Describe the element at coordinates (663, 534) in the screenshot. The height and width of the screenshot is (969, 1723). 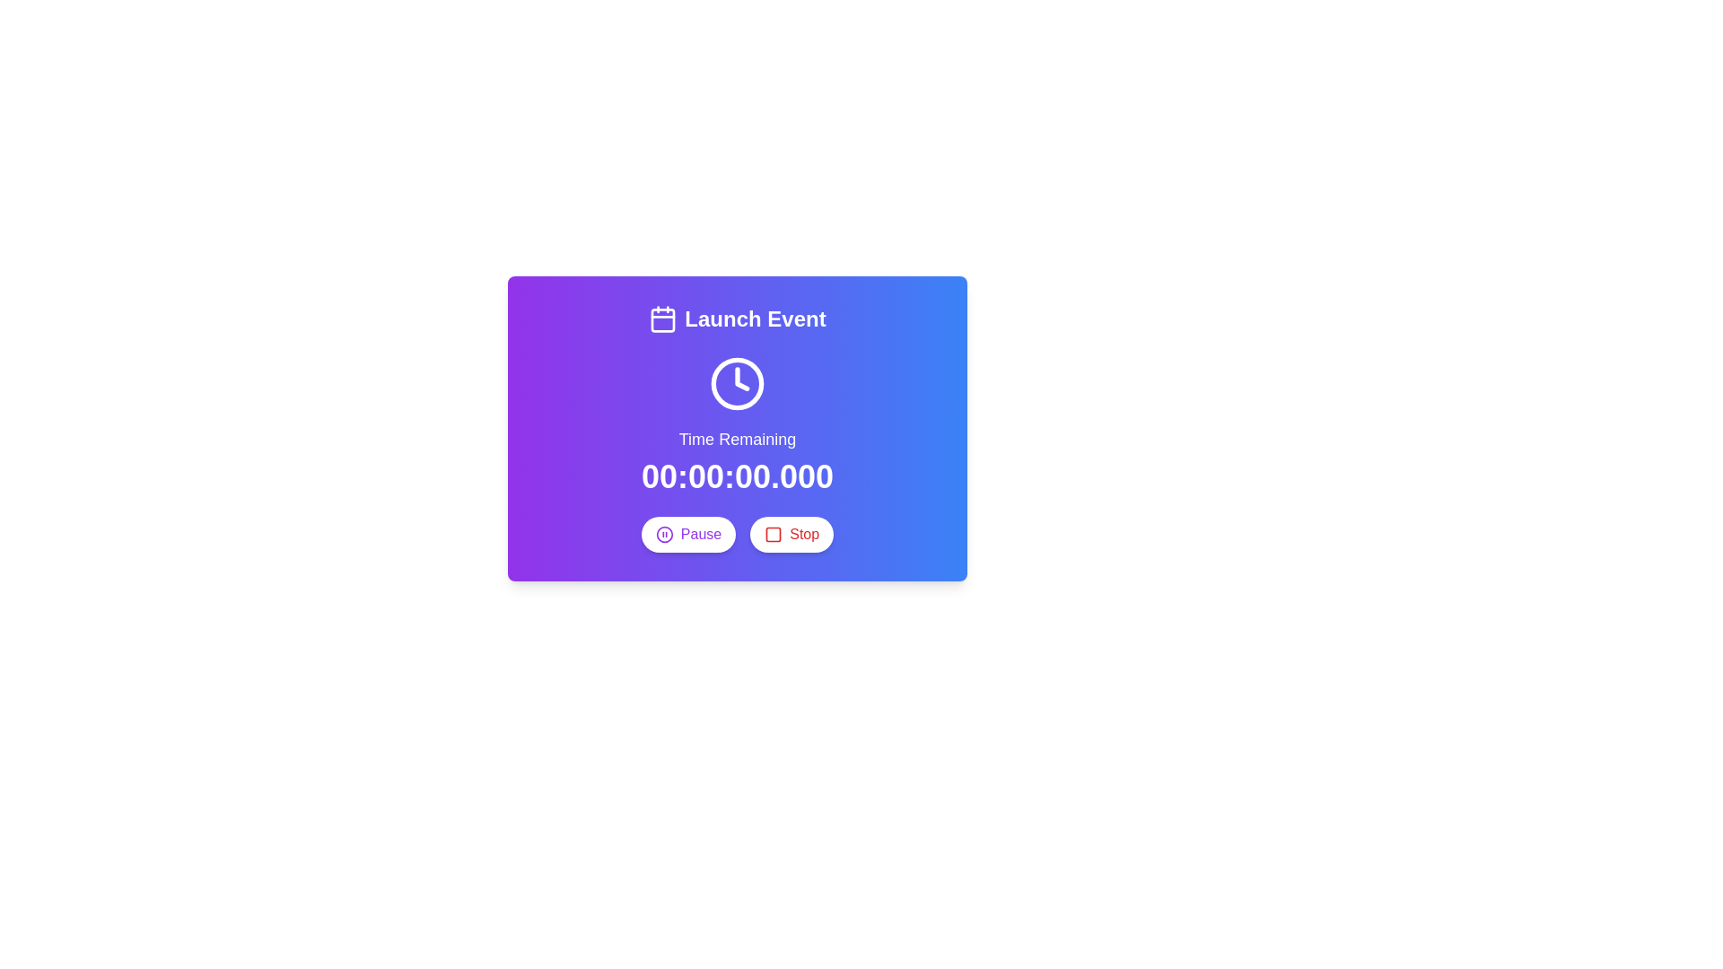
I see `the SVG Circle element that serves as the background for the 'Pause' icon, located within the purple-to-blue gradient background of the card interface` at that location.